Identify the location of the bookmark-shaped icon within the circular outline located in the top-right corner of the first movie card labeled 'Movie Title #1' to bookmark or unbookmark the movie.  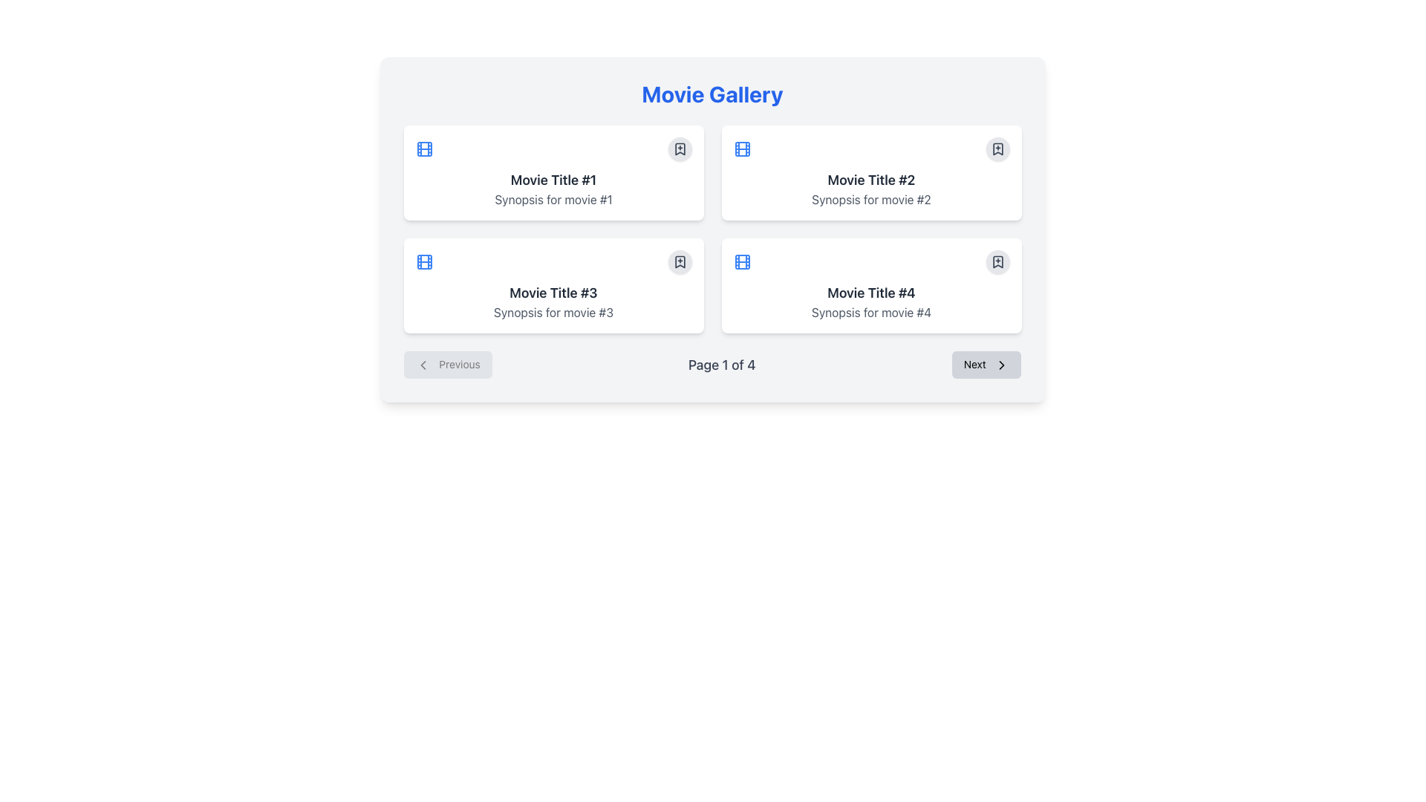
(679, 149).